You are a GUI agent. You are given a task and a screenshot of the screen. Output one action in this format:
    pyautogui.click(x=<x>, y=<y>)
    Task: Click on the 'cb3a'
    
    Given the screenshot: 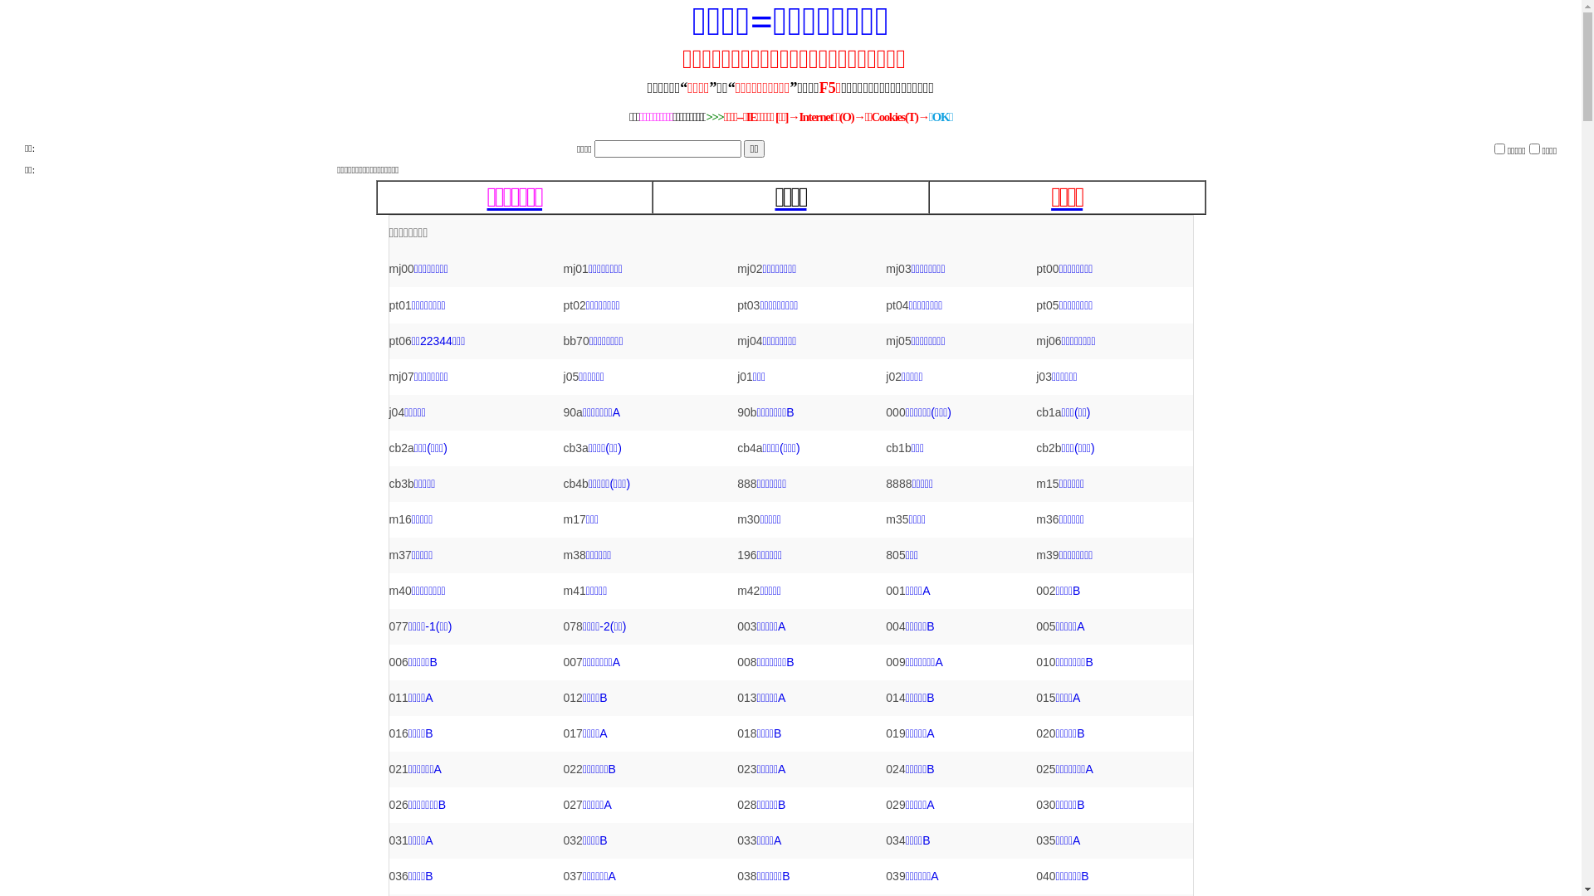 What is the action you would take?
    pyautogui.click(x=576, y=448)
    